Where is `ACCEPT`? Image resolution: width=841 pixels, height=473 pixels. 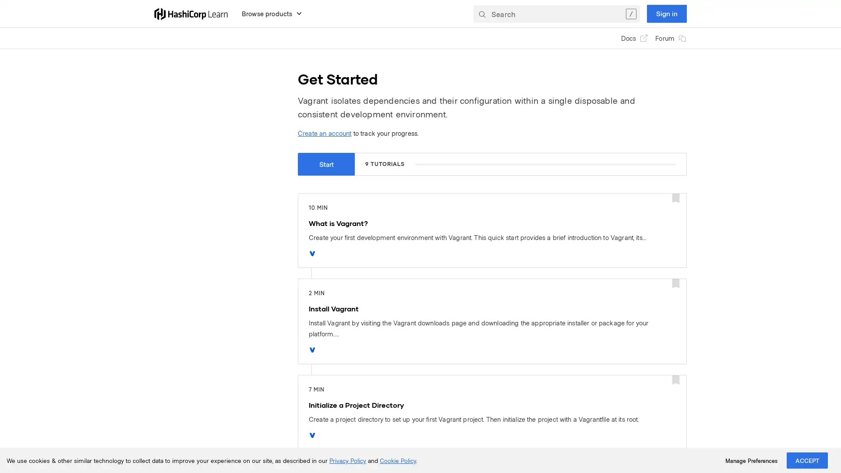
ACCEPT is located at coordinates (807, 460).